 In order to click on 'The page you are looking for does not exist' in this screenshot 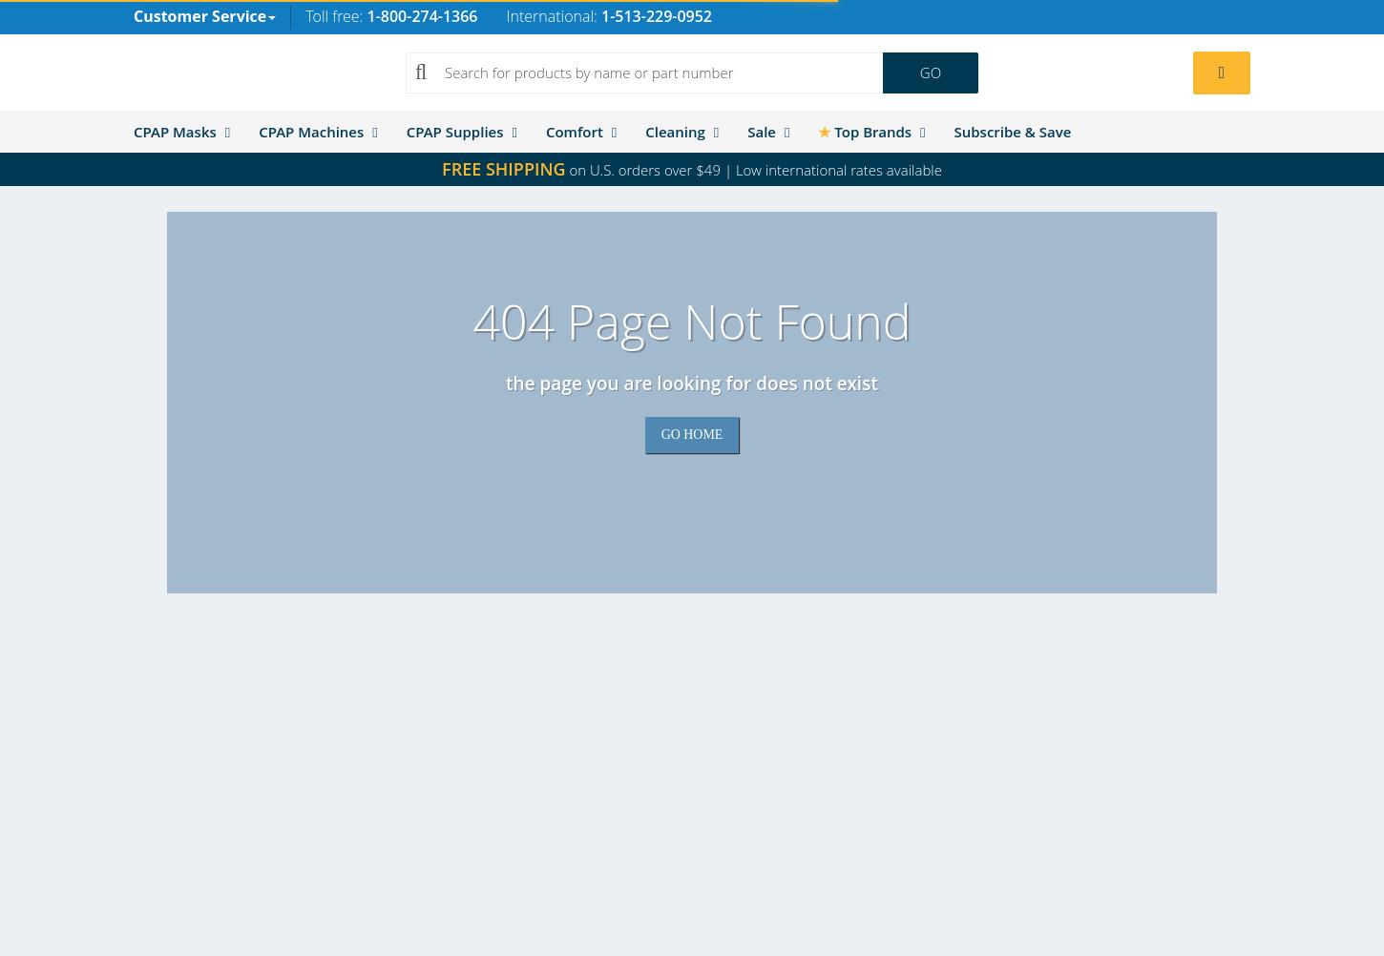, I will do `click(505, 383)`.